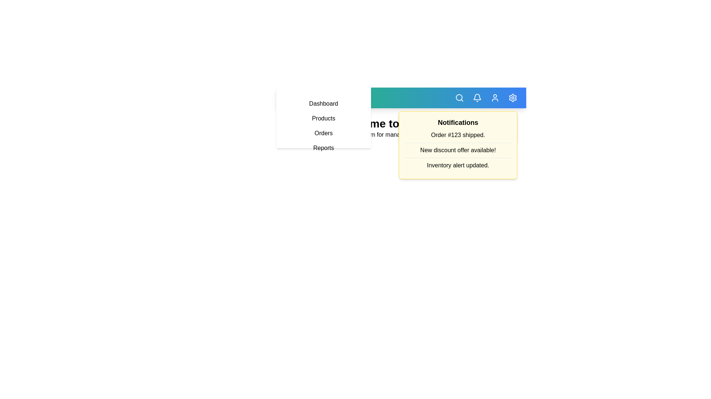 Image resolution: width=711 pixels, height=399 pixels. Describe the element at coordinates (323, 118) in the screenshot. I see `the 'Products' menu item, which is the second item in the vertical menu structure located near the top-right section of the interface` at that location.